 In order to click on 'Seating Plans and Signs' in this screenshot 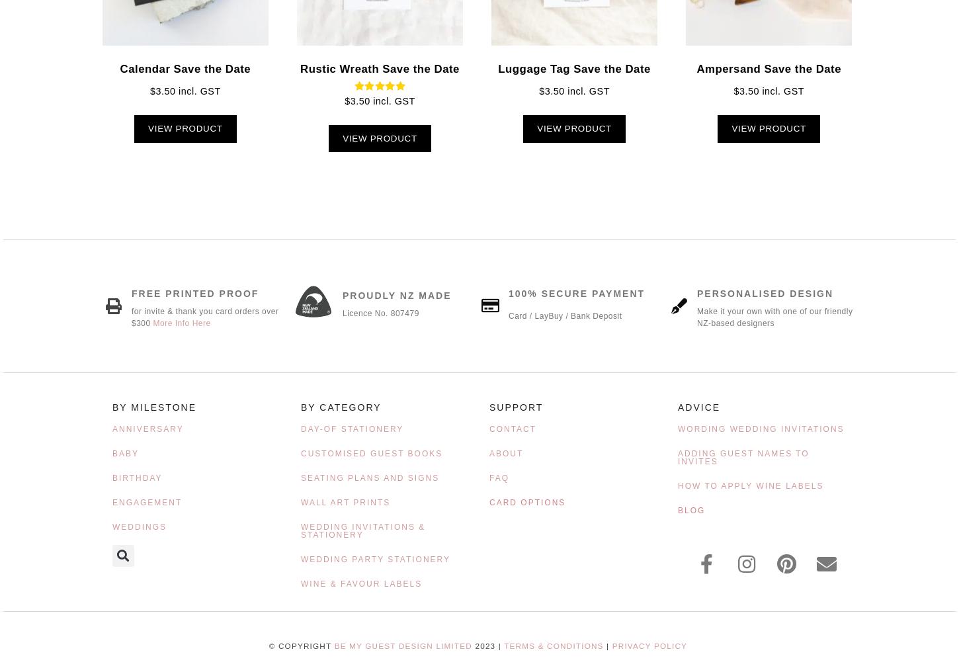, I will do `click(370, 477)`.